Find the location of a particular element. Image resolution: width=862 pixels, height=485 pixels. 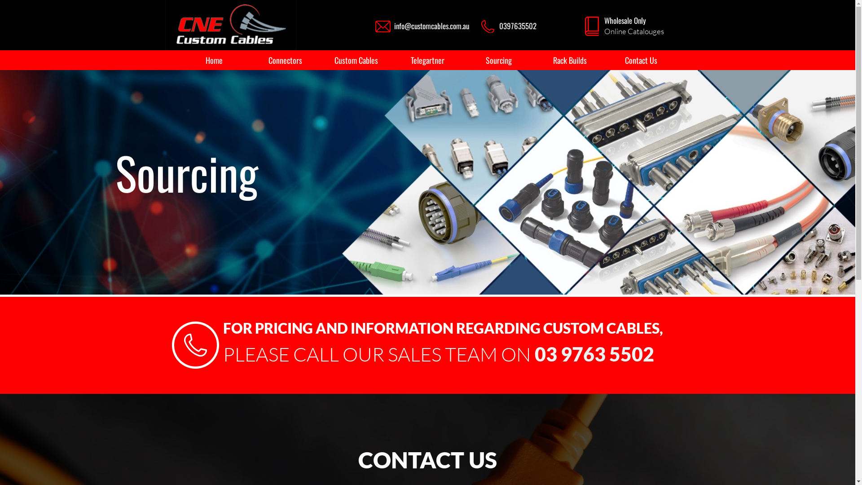

'Rack Builds' is located at coordinates (569, 60).